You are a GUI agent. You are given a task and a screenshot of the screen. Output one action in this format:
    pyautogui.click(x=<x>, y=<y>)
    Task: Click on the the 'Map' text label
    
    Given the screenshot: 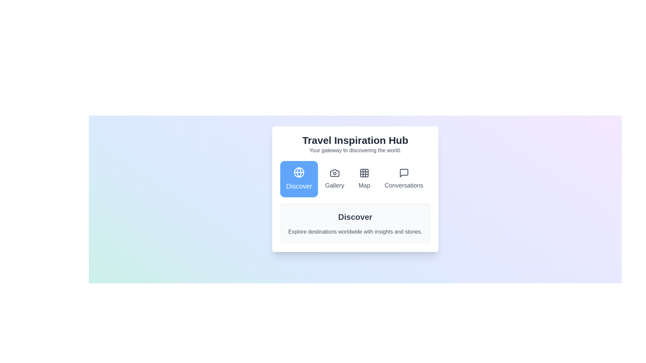 What is the action you would take?
    pyautogui.click(x=364, y=185)
    